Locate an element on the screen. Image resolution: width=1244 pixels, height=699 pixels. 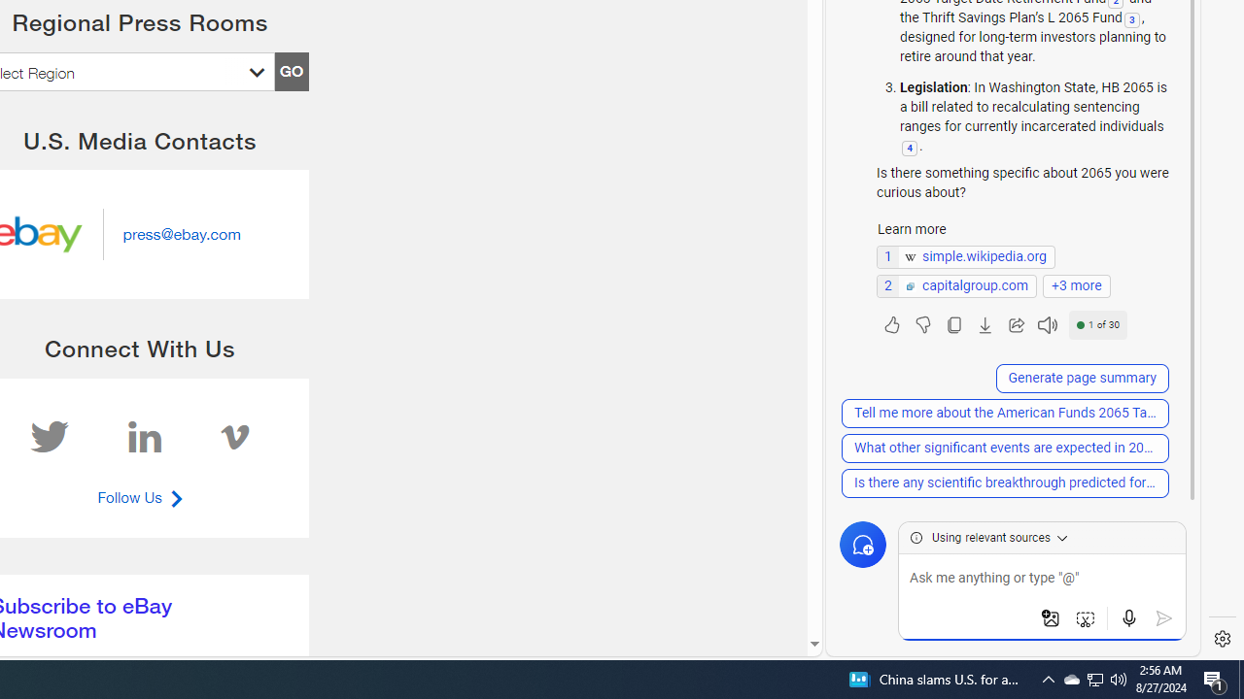
'GO' is located at coordinates (290, 70).